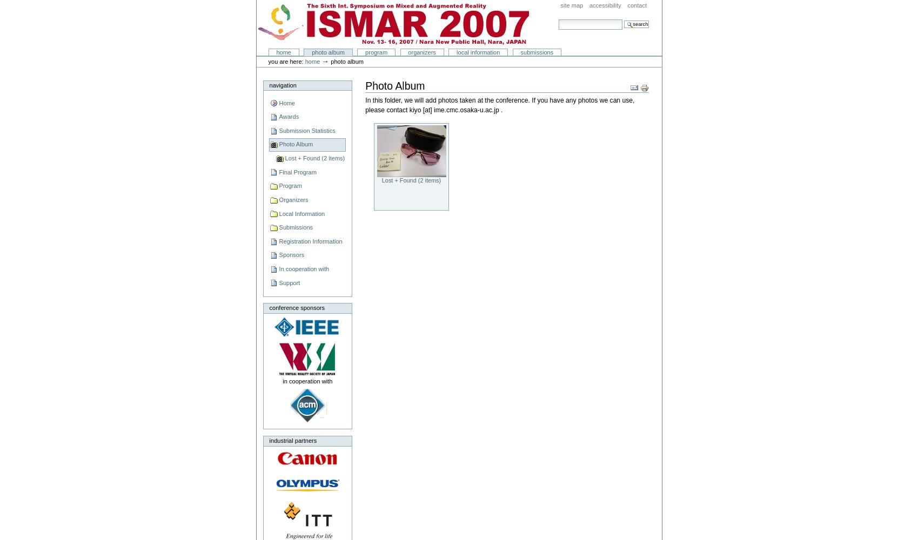  What do you see at coordinates (365, 104) in the screenshot?
I see `'In this folder, we will add photos taken at the conference. If you have any photos we can use, please contact  kiyo [at] ime.cmc.osaka-u.ac.jp .'` at bounding box center [365, 104].